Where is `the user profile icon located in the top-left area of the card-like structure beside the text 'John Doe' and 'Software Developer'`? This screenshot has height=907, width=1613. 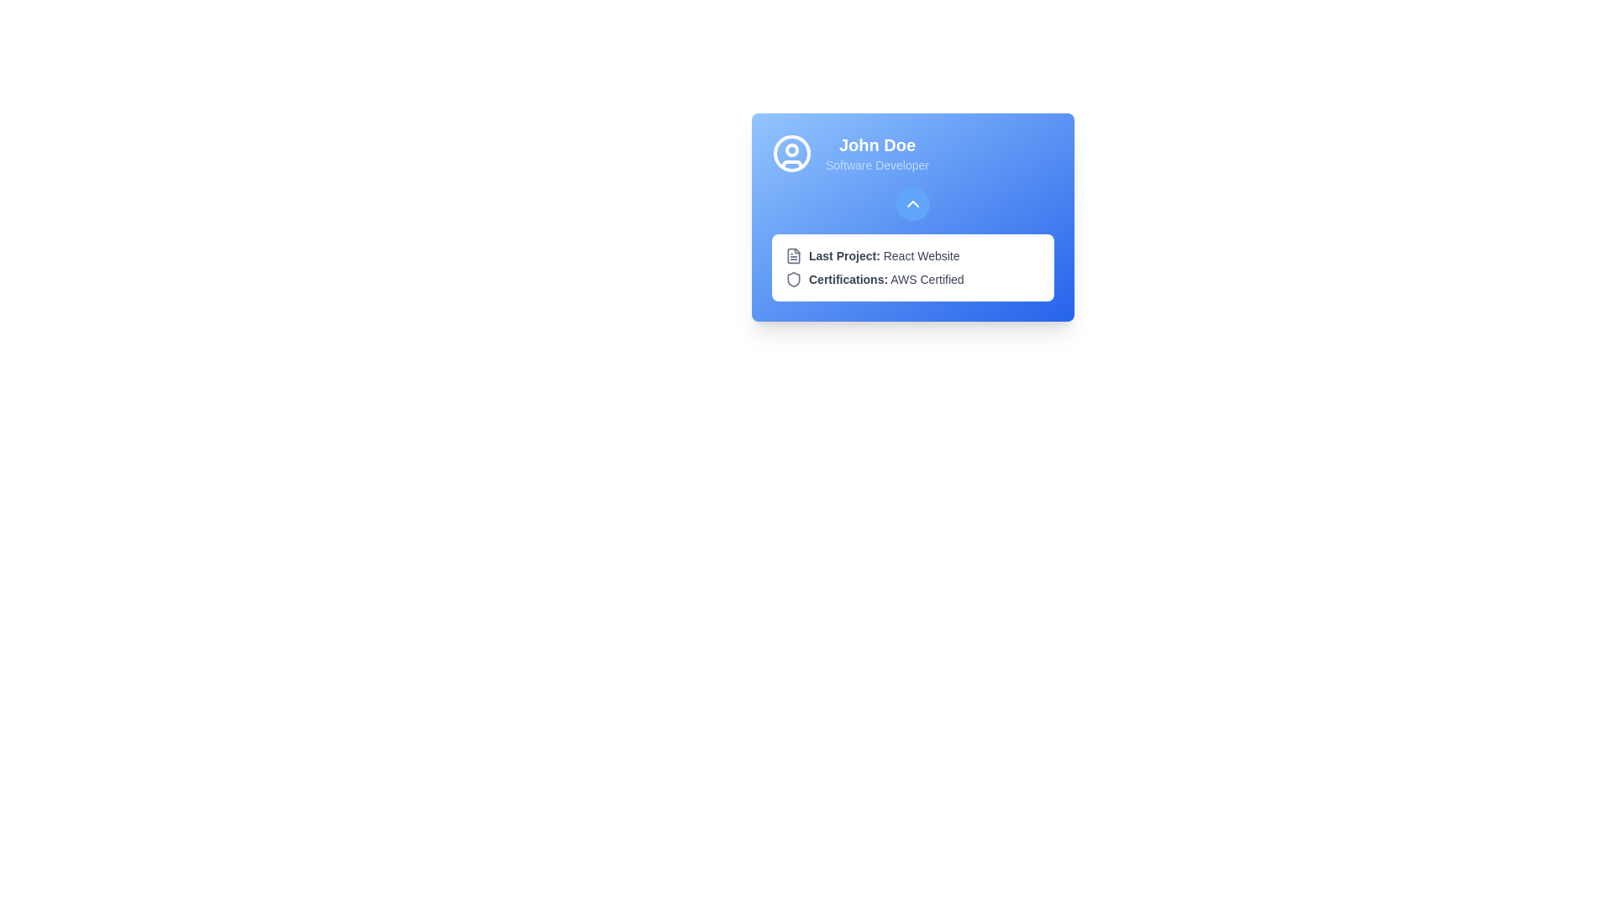 the user profile icon located in the top-left area of the card-like structure beside the text 'John Doe' and 'Software Developer' is located at coordinates (791, 153).